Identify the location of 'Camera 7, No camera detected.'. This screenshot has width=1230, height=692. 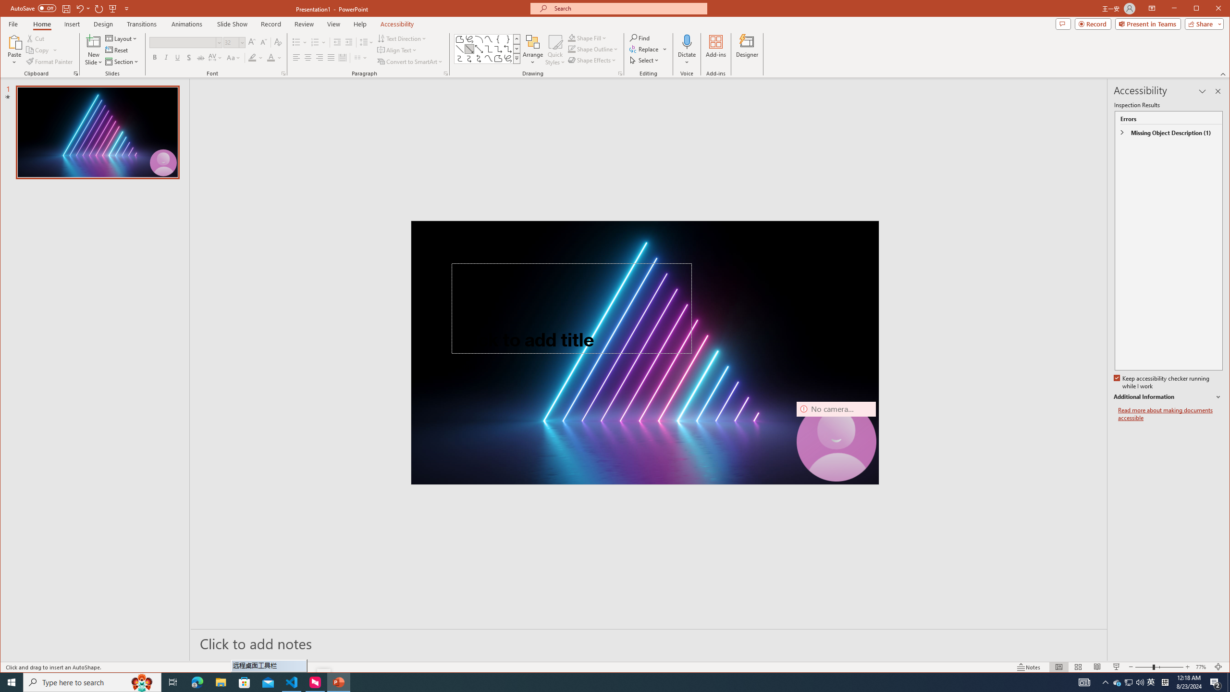
(836, 441).